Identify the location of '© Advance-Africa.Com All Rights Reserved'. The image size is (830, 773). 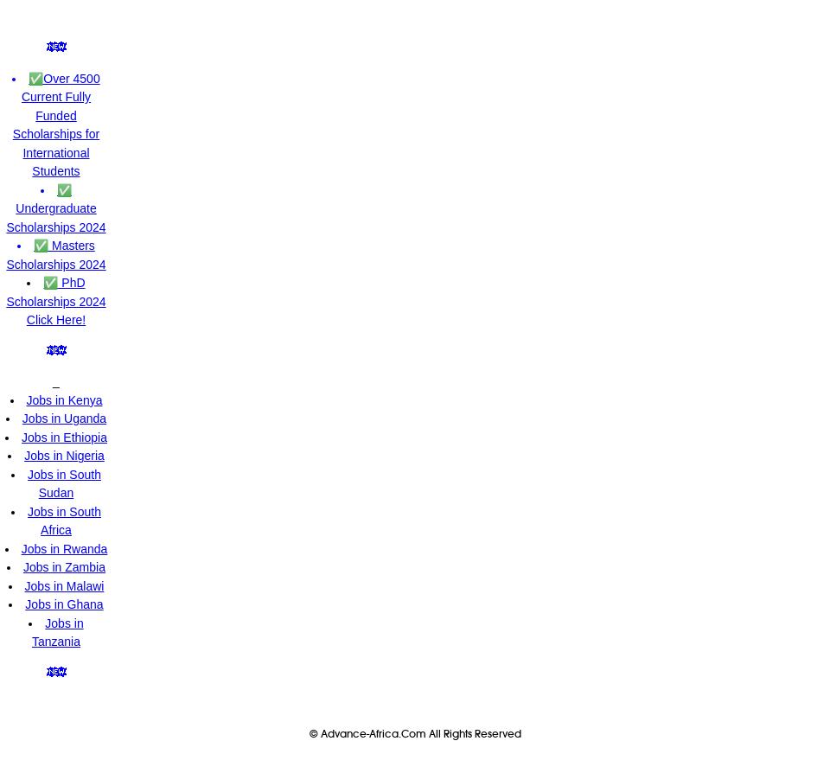
(309, 732).